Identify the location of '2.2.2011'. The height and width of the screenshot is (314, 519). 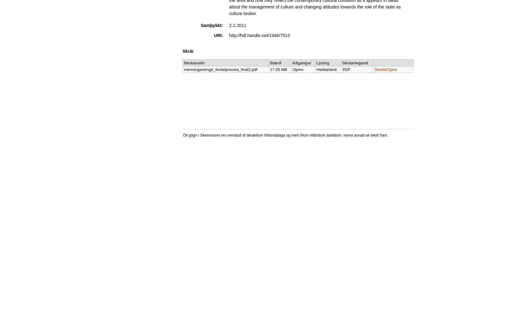
(237, 25).